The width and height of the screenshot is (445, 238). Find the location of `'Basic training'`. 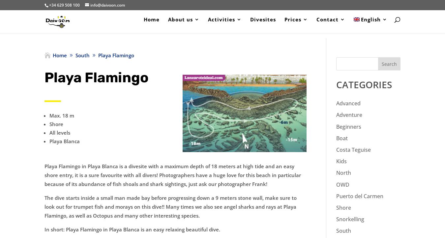

'Basic training' is located at coordinates (319, 79).